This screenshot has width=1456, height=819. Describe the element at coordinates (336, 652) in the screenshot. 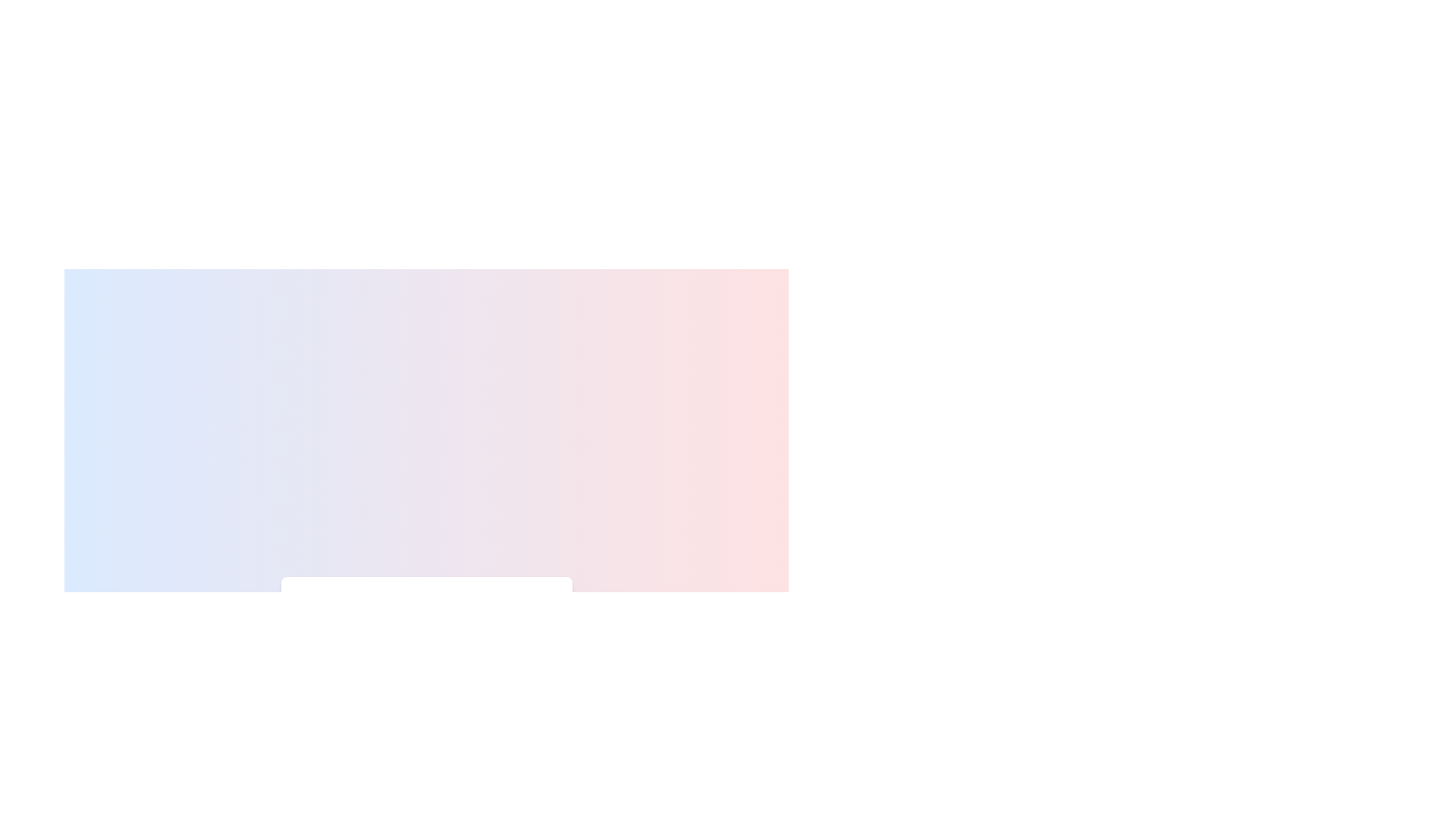

I see `the temperature to 15°C using the slider` at that location.